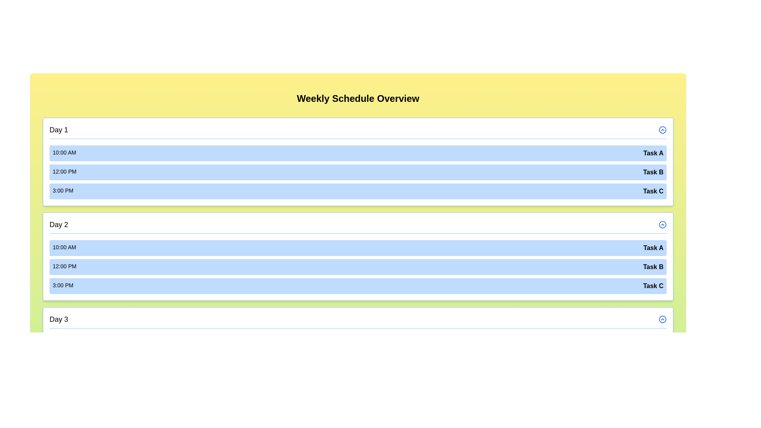 Image resolution: width=761 pixels, height=428 pixels. What do you see at coordinates (358, 98) in the screenshot?
I see `the title 'Weekly Schedule Overview' to focus or interact with it` at bounding box center [358, 98].